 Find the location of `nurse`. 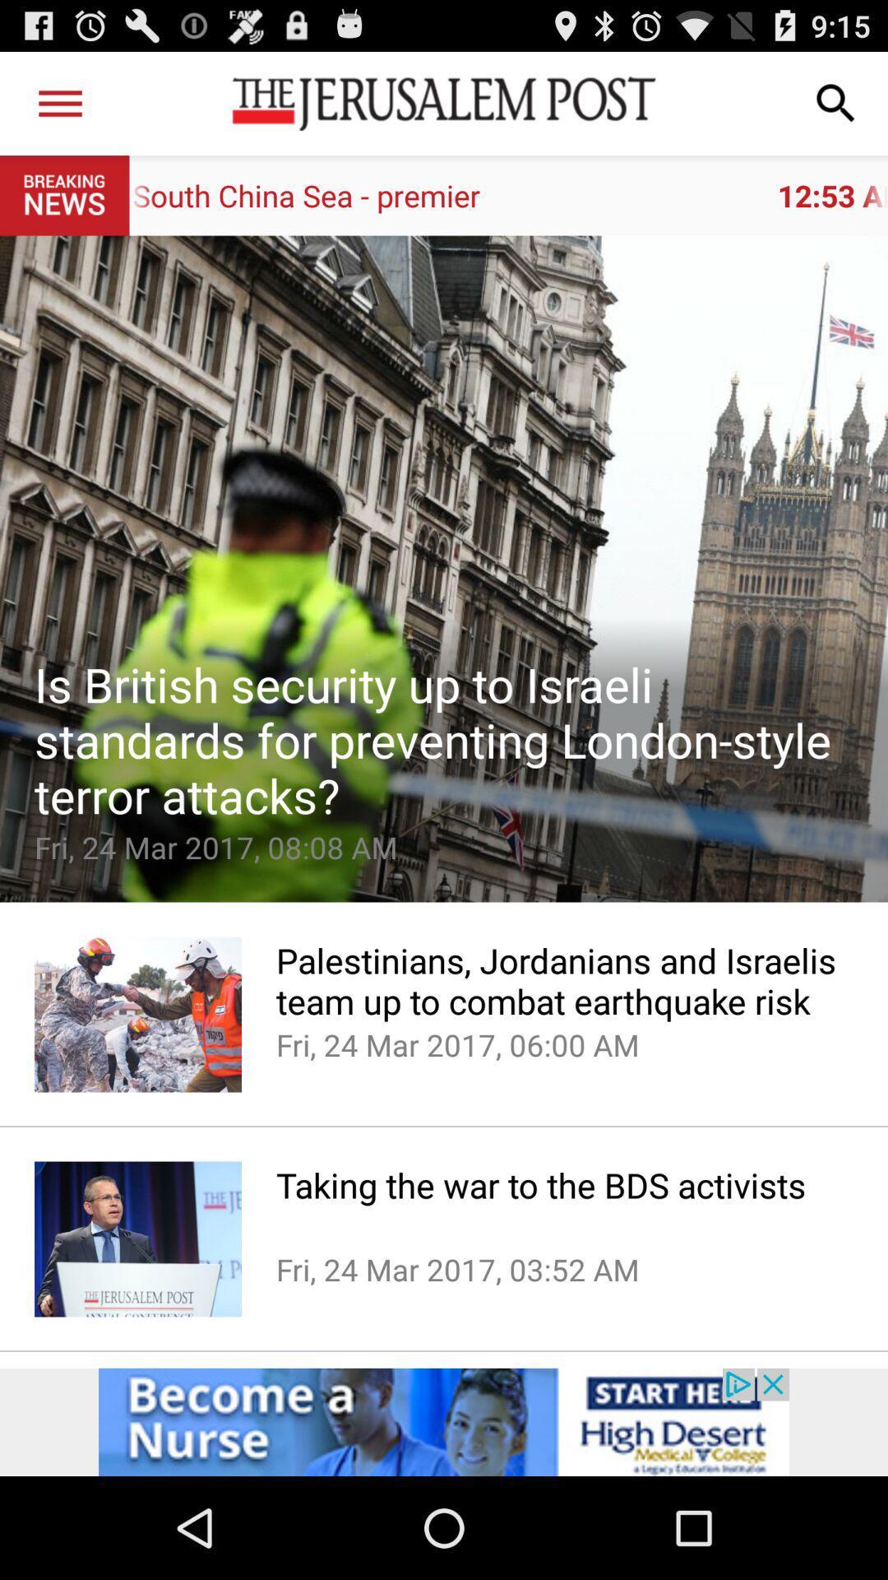

nurse is located at coordinates (444, 1421).